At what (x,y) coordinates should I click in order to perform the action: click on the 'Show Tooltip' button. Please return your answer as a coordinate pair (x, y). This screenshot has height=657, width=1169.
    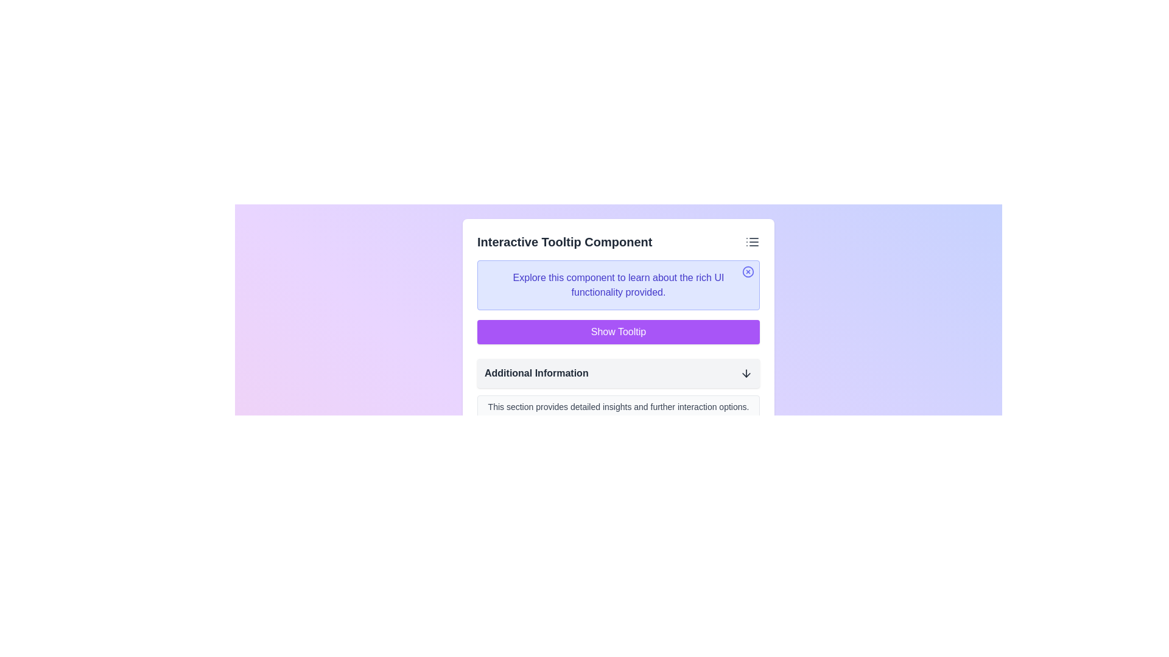
    Looking at the image, I should click on (619, 325).